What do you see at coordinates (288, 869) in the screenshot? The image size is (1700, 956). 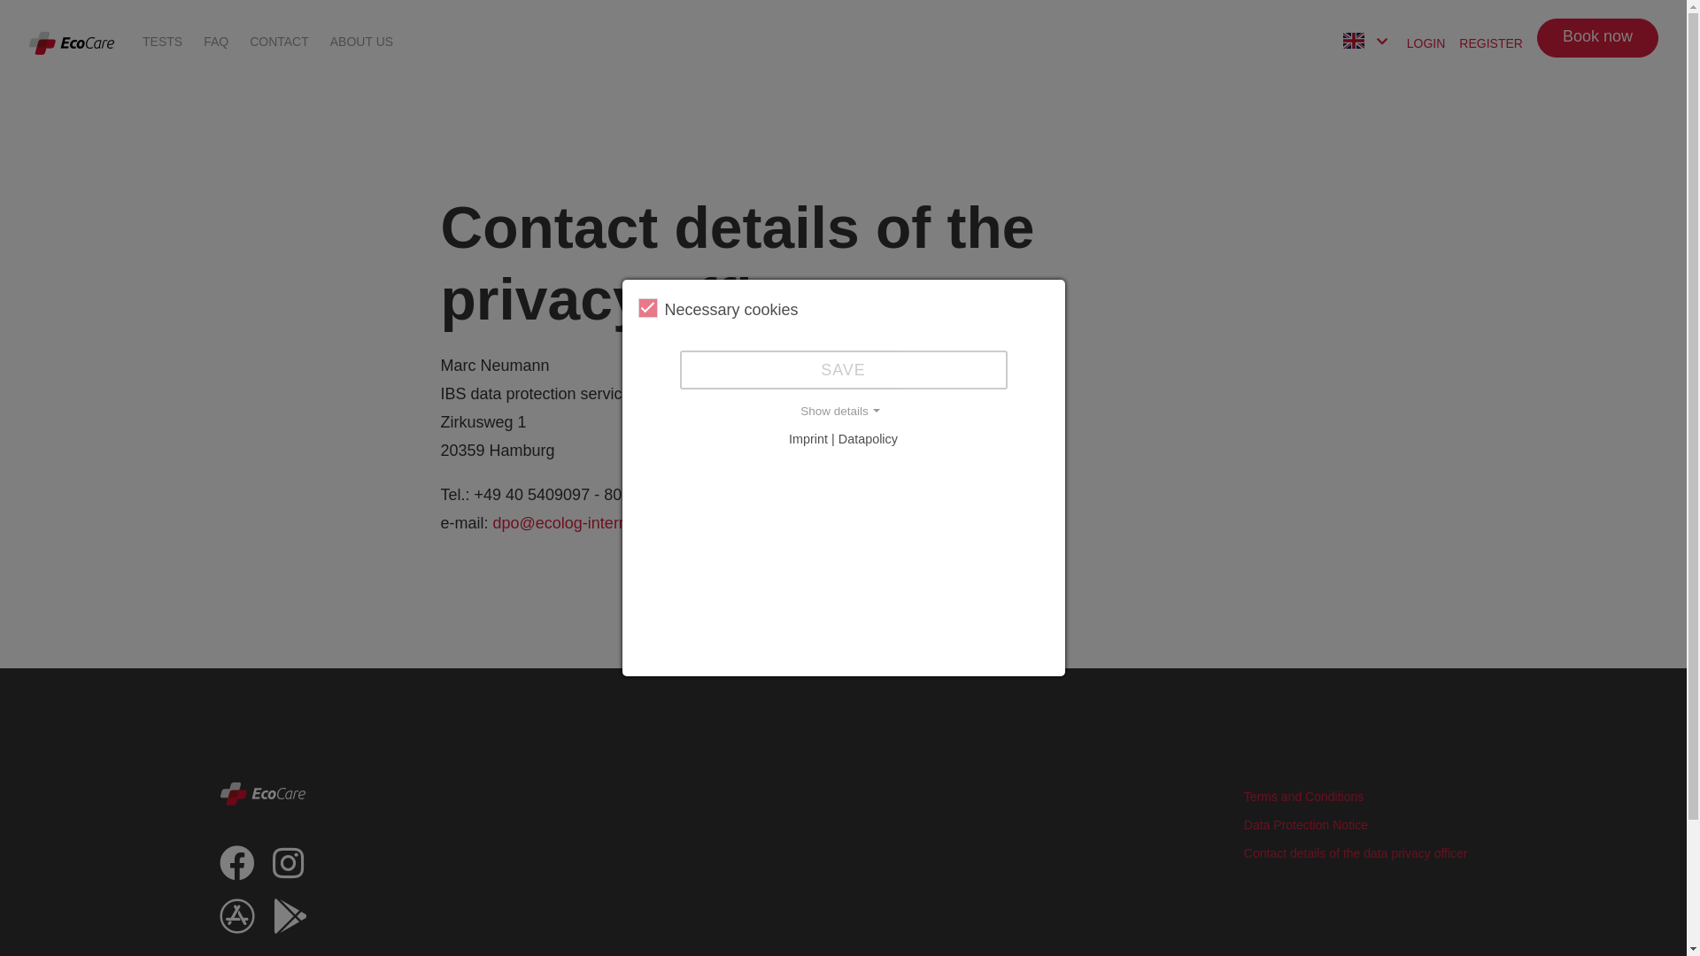 I see `'EcoCare Instagram'` at bounding box center [288, 869].